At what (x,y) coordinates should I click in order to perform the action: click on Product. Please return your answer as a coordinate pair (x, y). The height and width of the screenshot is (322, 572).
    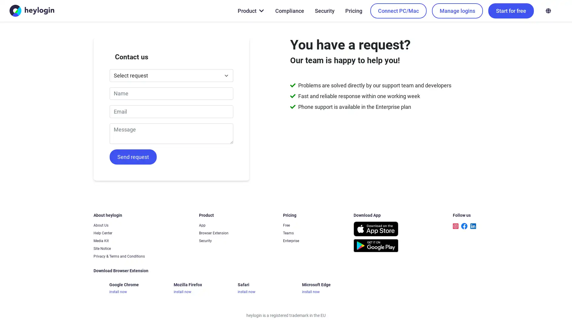
    Looking at the image, I should click on (250, 10).